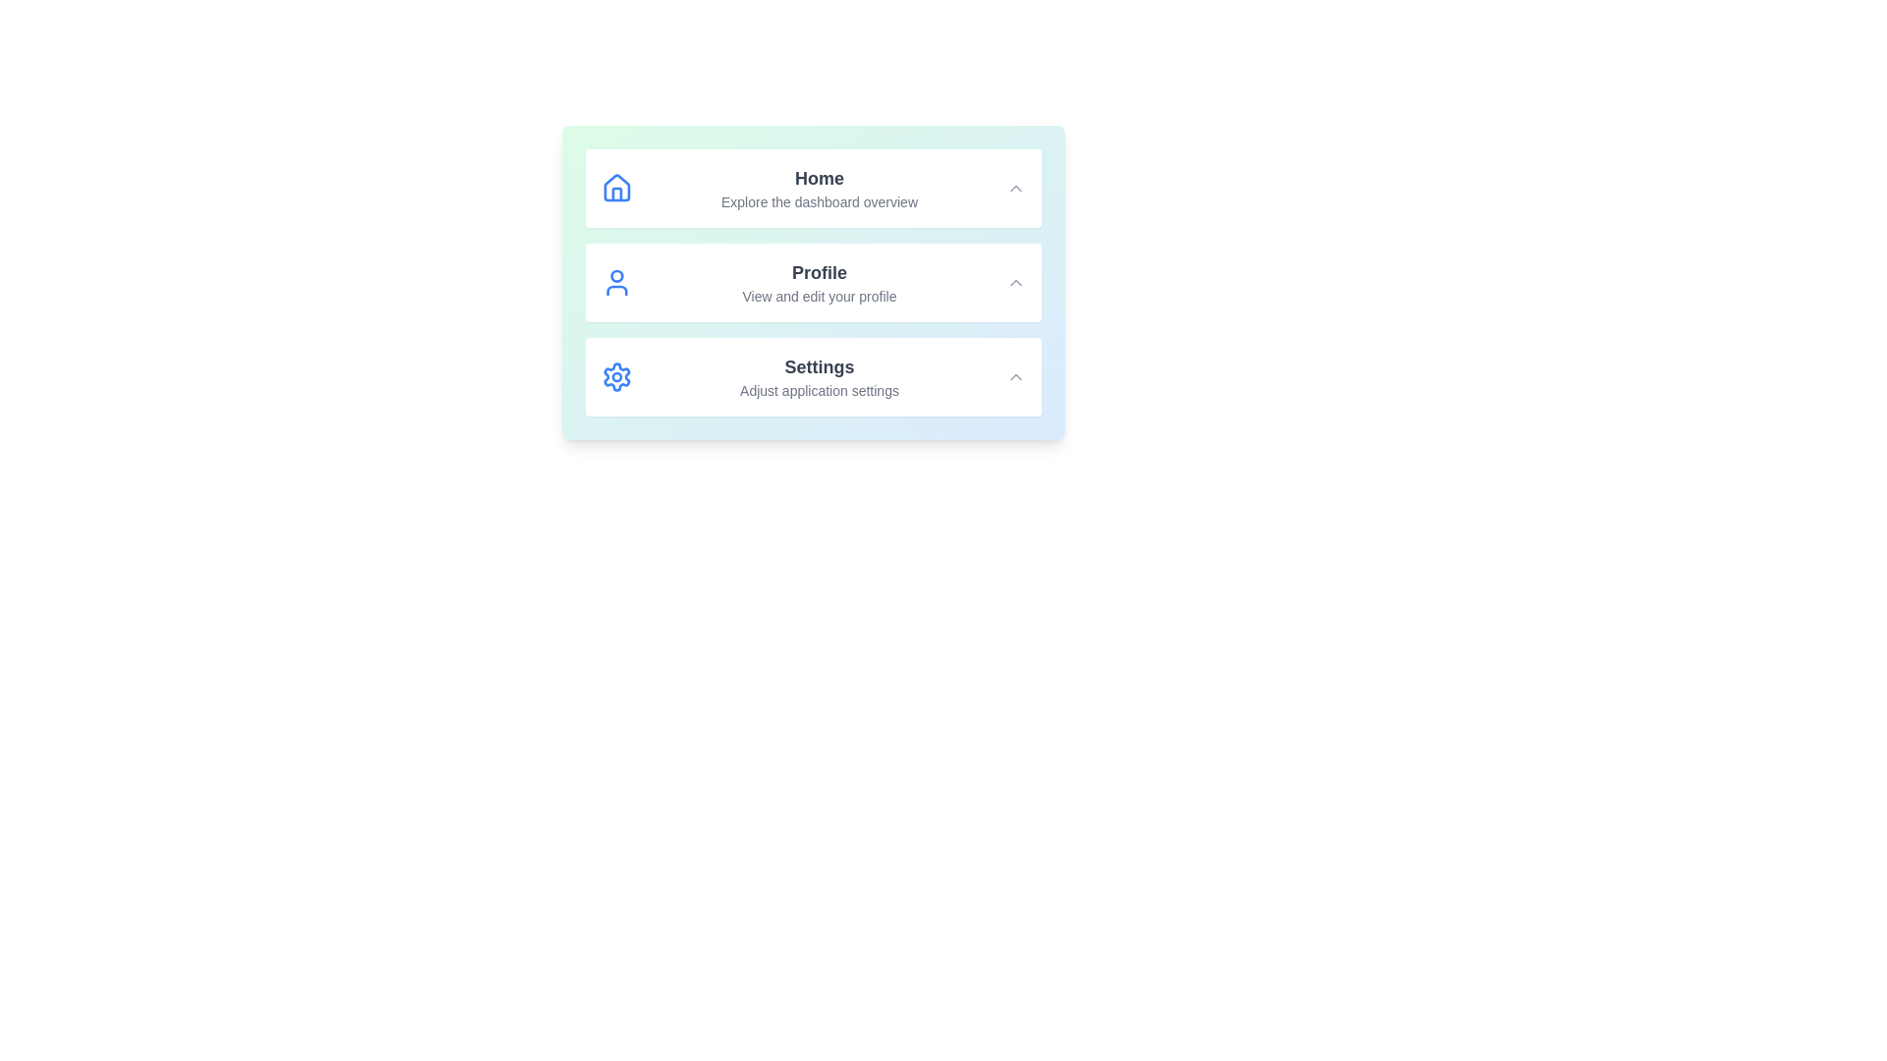  What do you see at coordinates (616, 189) in the screenshot?
I see `the icon representing the Home section` at bounding box center [616, 189].